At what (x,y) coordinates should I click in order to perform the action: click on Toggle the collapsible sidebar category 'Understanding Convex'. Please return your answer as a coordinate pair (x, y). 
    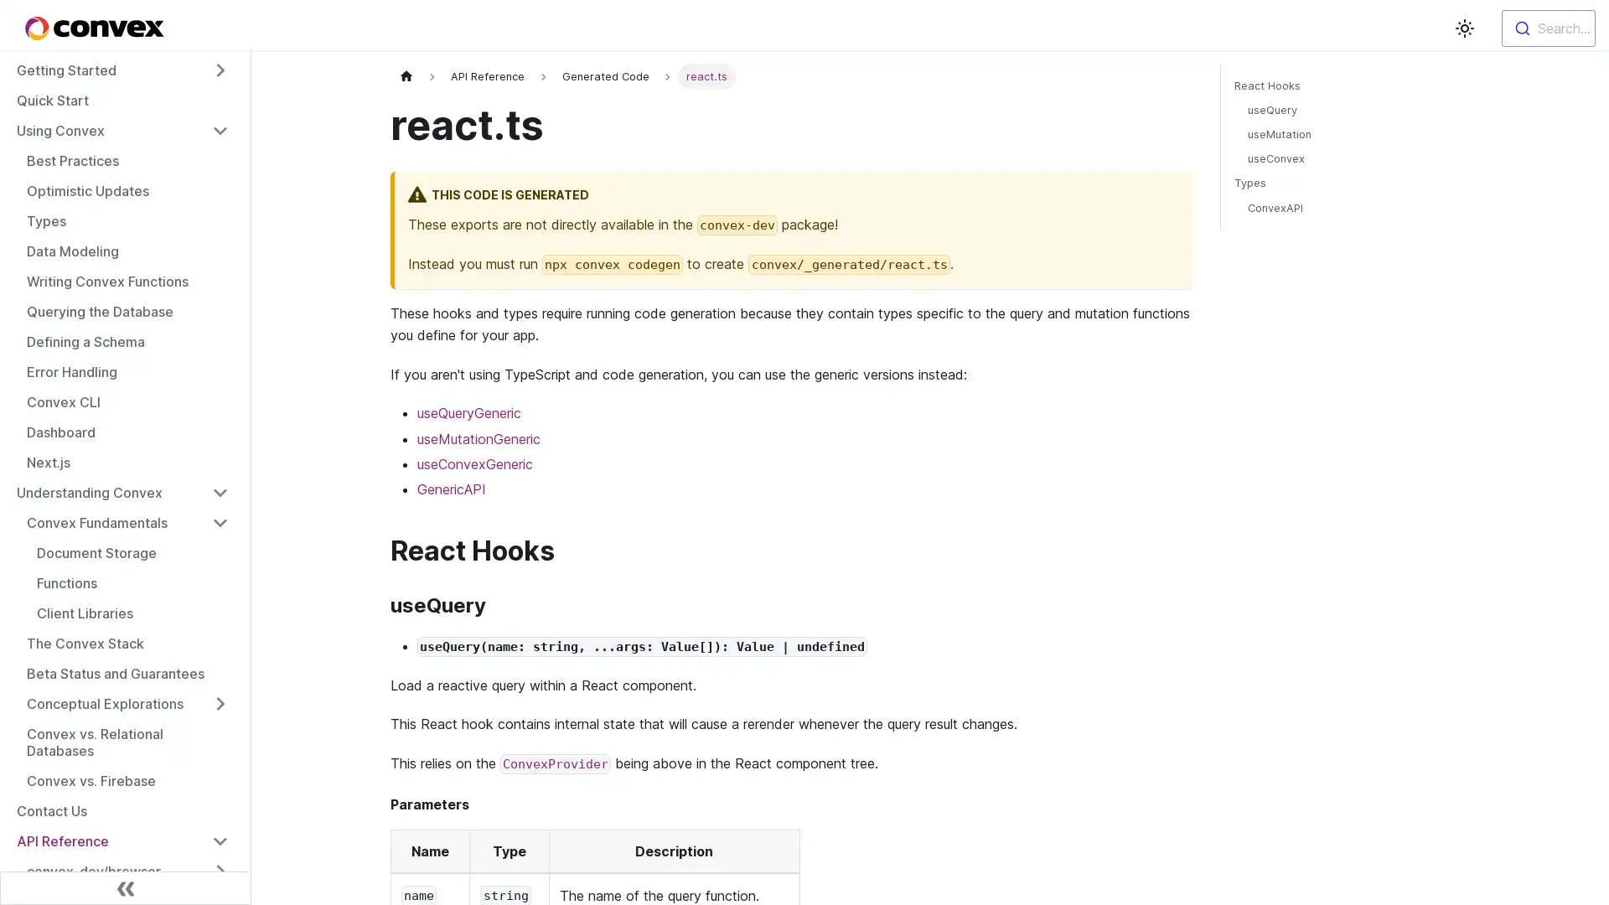
    Looking at the image, I should click on (220, 491).